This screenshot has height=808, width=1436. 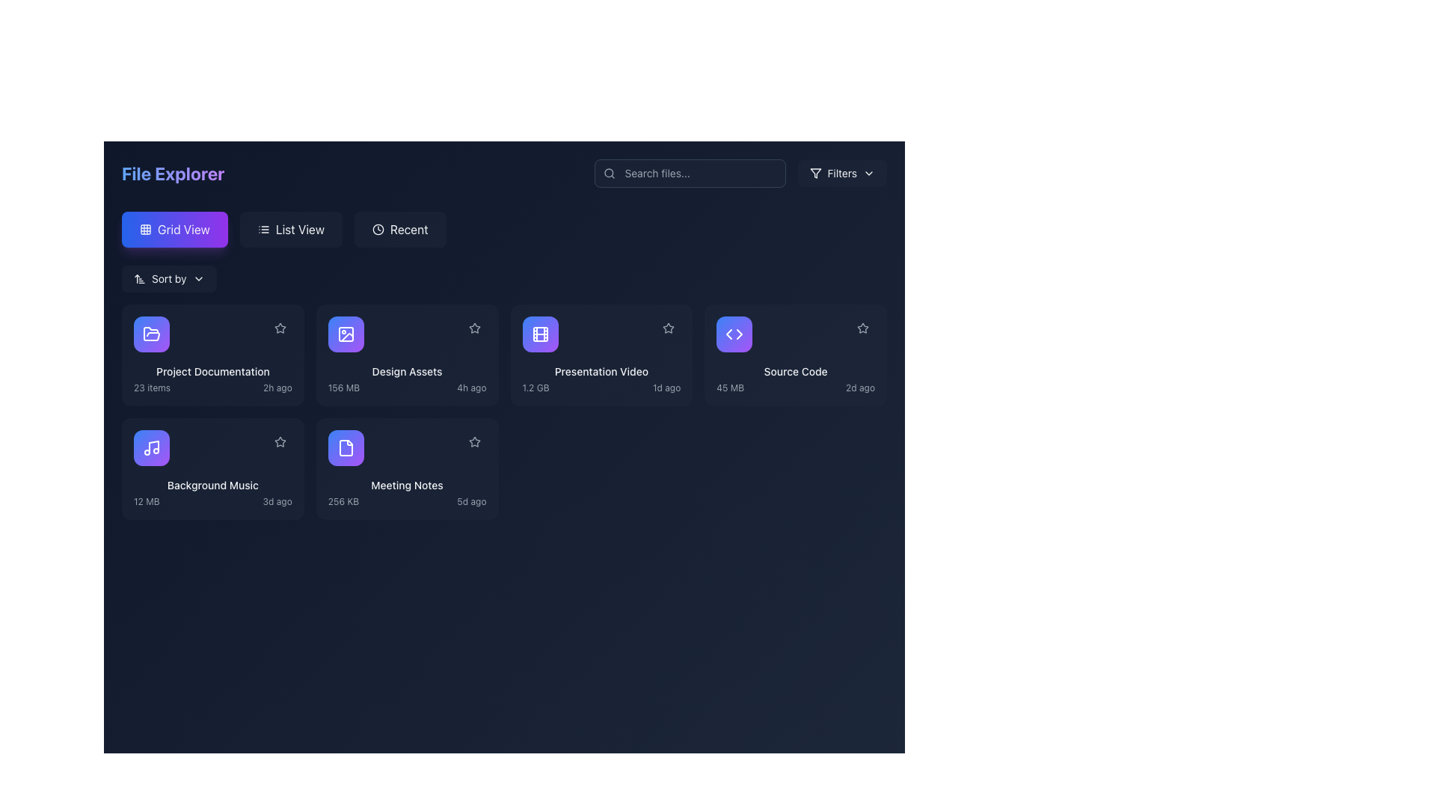 What do you see at coordinates (734, 334) in the screenshot?
I see `the square icon with rounded corners, featuring a gradient background from blue to purple and a white graphic of angle brackets (< and >)` at bounding box center [734, 334].